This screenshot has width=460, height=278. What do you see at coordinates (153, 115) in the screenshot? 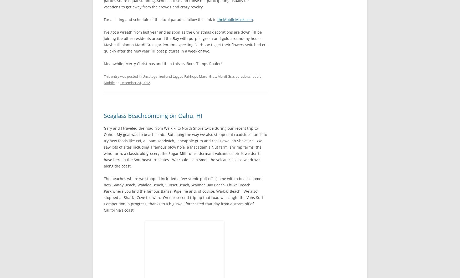
I see `'Seaglass Beachcombing on Oahu, HI'` at bounding box center [153, 115].